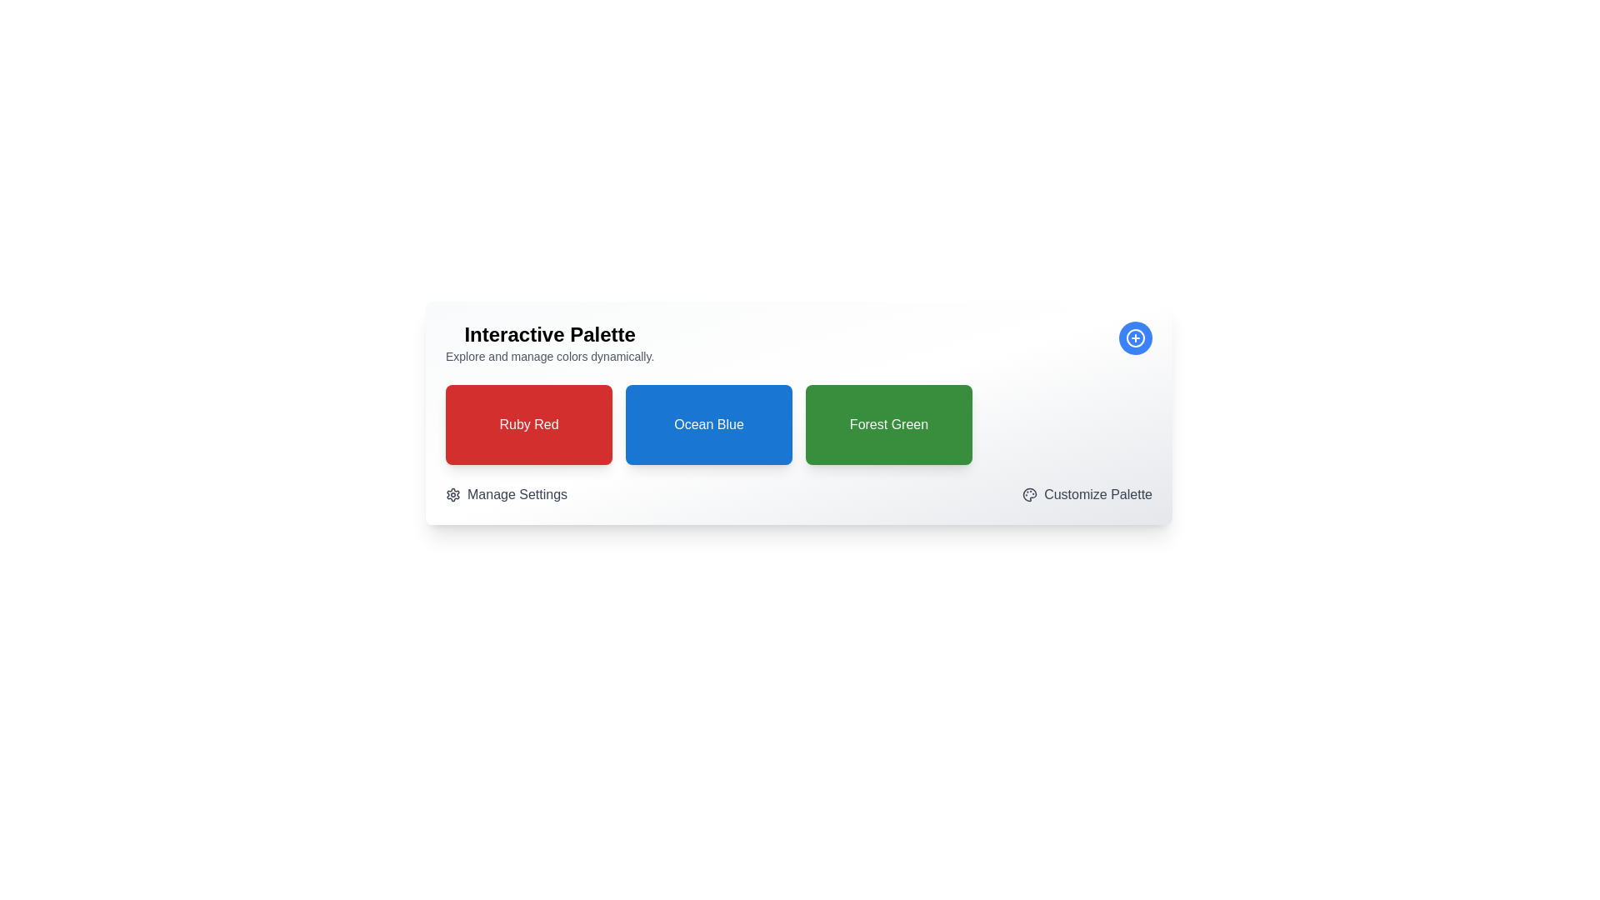  I want to click on descriptive text element located directly below the 'Interactive Palette' title, which provides supplementary information about the section, so click(550, 356).